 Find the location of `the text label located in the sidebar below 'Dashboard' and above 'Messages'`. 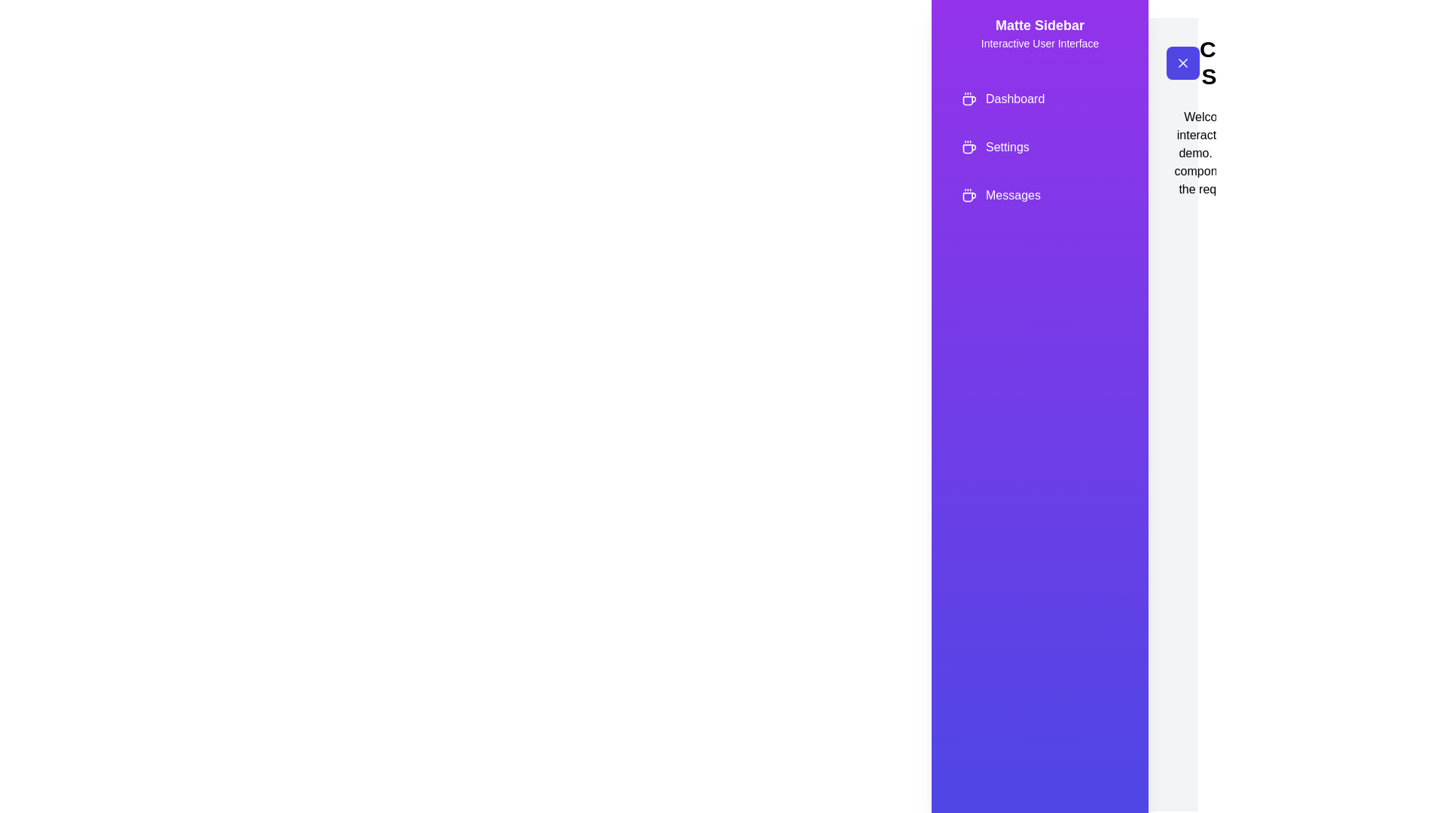

the text label located in the sidebar below 'Dashboard' and above 'Messages' is located at coordinates (1007, 148).